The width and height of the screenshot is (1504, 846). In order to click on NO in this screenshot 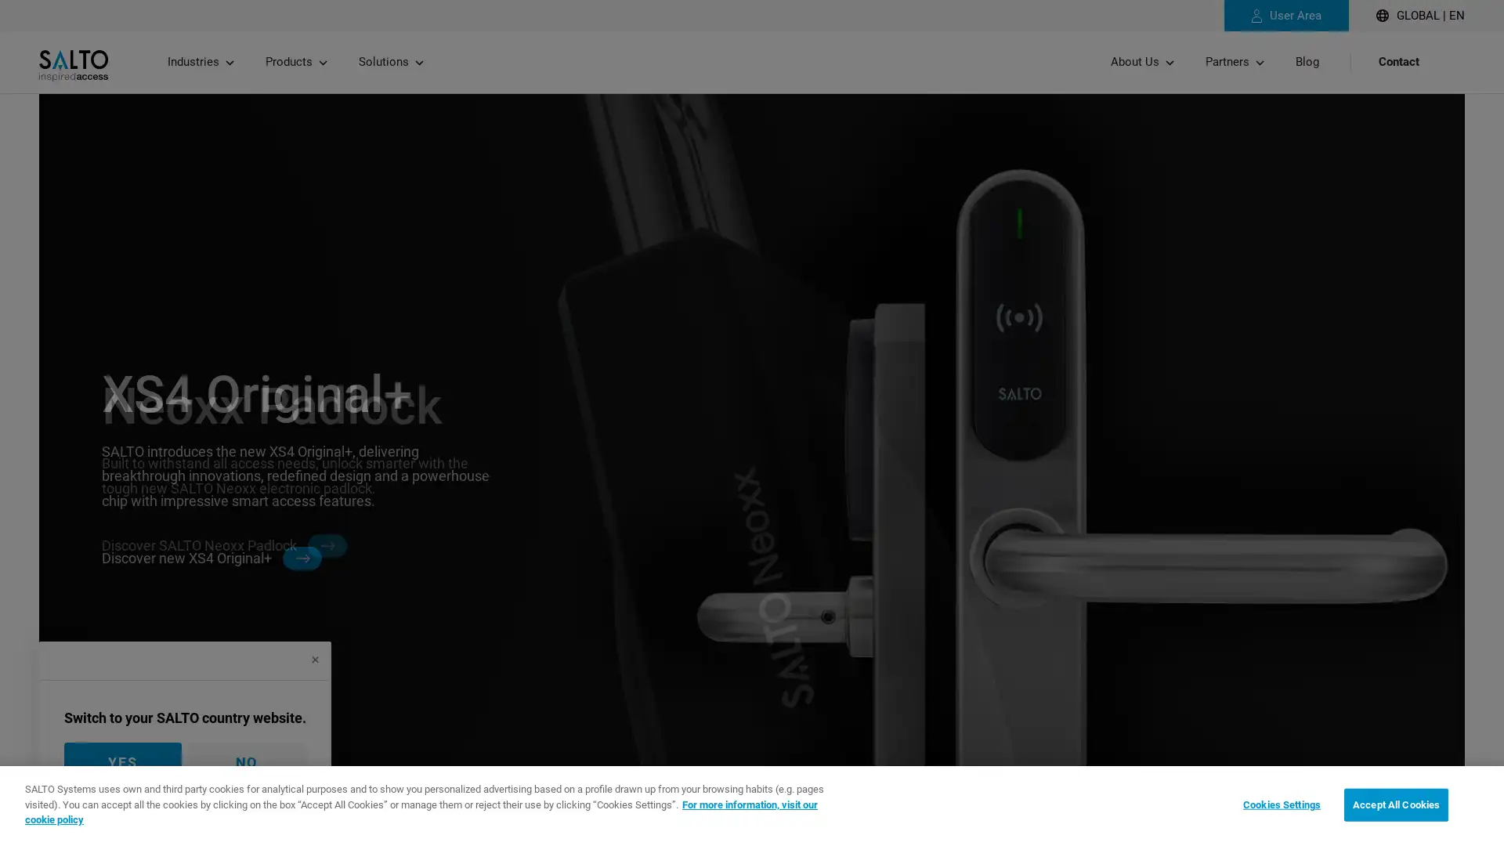, I will do `click(246, 761)`.